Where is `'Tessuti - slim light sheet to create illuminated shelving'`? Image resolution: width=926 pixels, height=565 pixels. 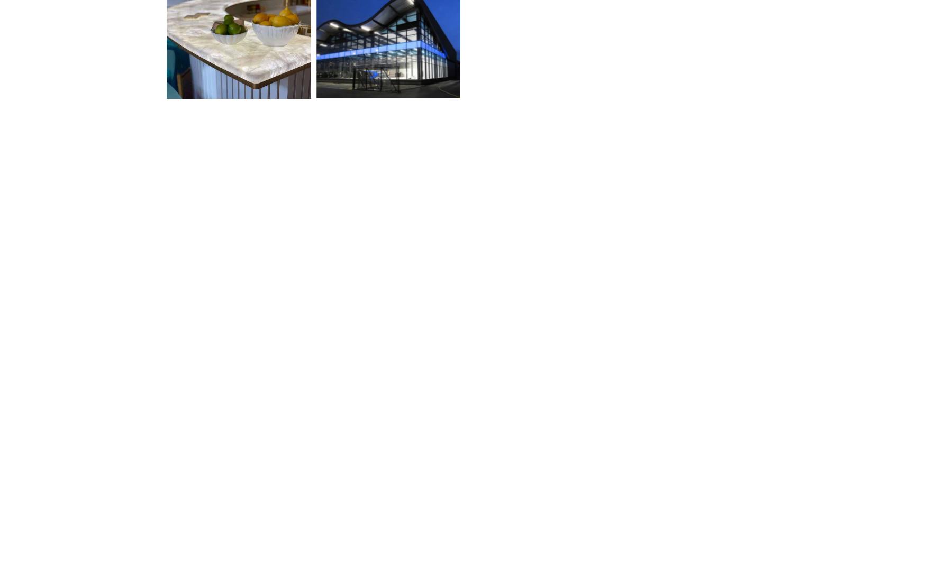
'Tessuti - slim light sheet to create illuminated shelving' is located at coordinates (235, 449).